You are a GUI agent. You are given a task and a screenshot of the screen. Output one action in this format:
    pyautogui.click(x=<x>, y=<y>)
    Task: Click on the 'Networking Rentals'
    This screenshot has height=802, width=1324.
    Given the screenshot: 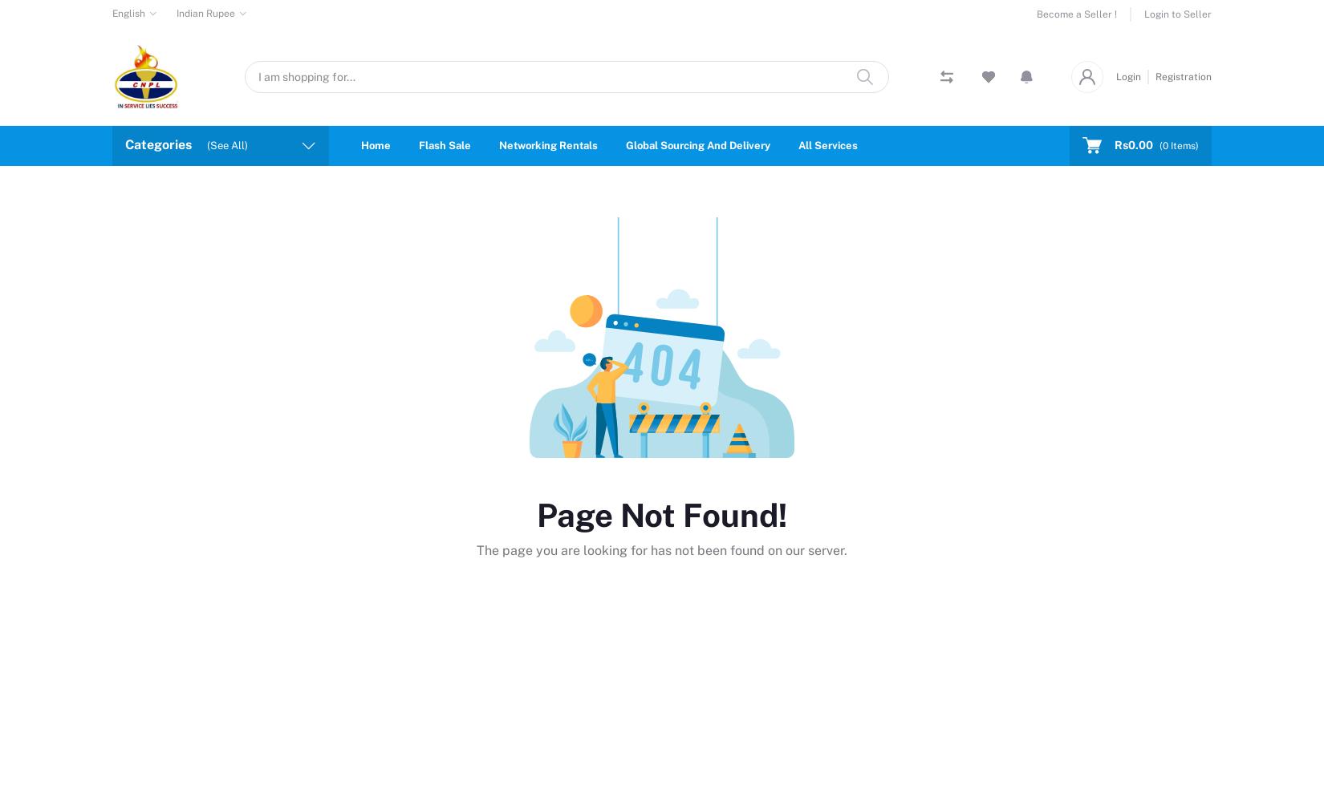 What is the action you would take?
    pyautogui.click(x=498, y=144)
    